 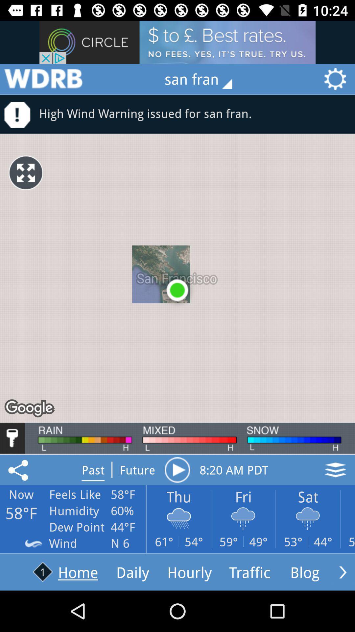 What do you see at coordinates (177, 42) in the screenshot?
I see `advertisement` at bounding box center [177, 42].